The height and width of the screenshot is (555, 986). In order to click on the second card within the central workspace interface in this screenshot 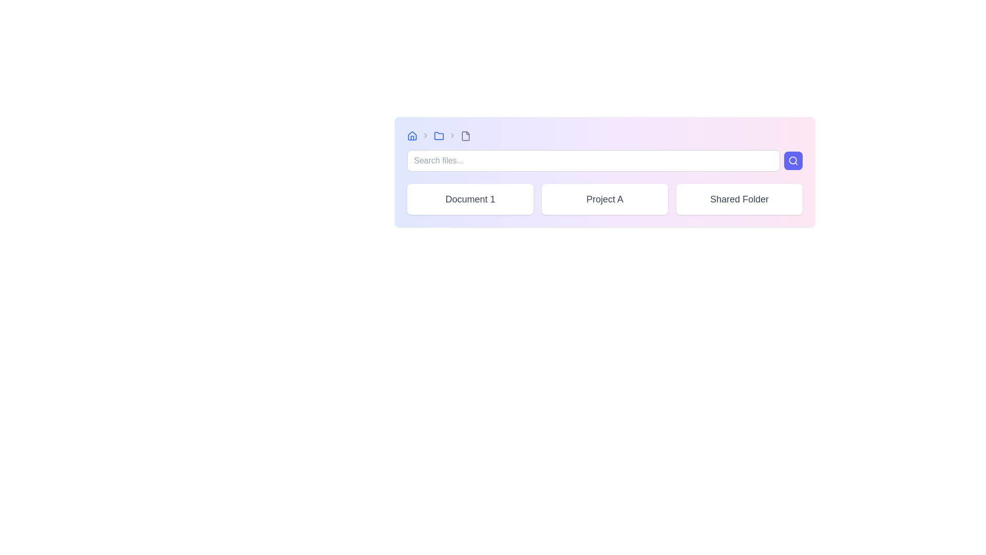, I will do `click(604, 217)`.